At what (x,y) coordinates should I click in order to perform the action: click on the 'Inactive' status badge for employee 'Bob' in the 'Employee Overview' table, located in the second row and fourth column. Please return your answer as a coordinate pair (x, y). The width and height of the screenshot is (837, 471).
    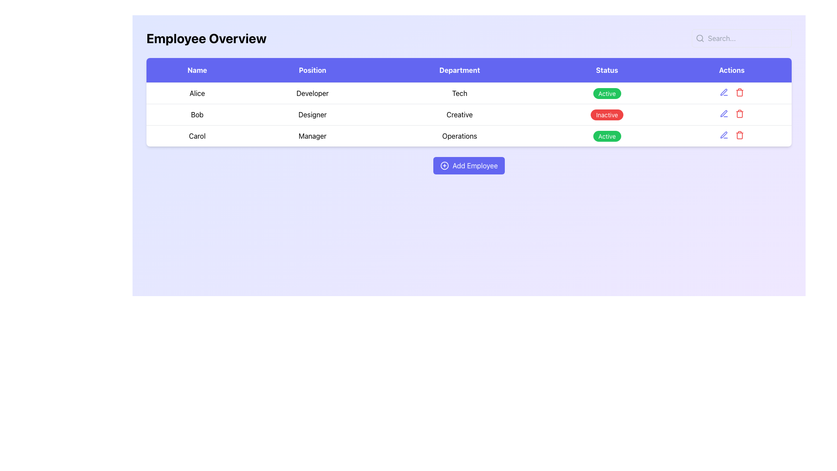
    Looking at the image, I should click on (606, 114).